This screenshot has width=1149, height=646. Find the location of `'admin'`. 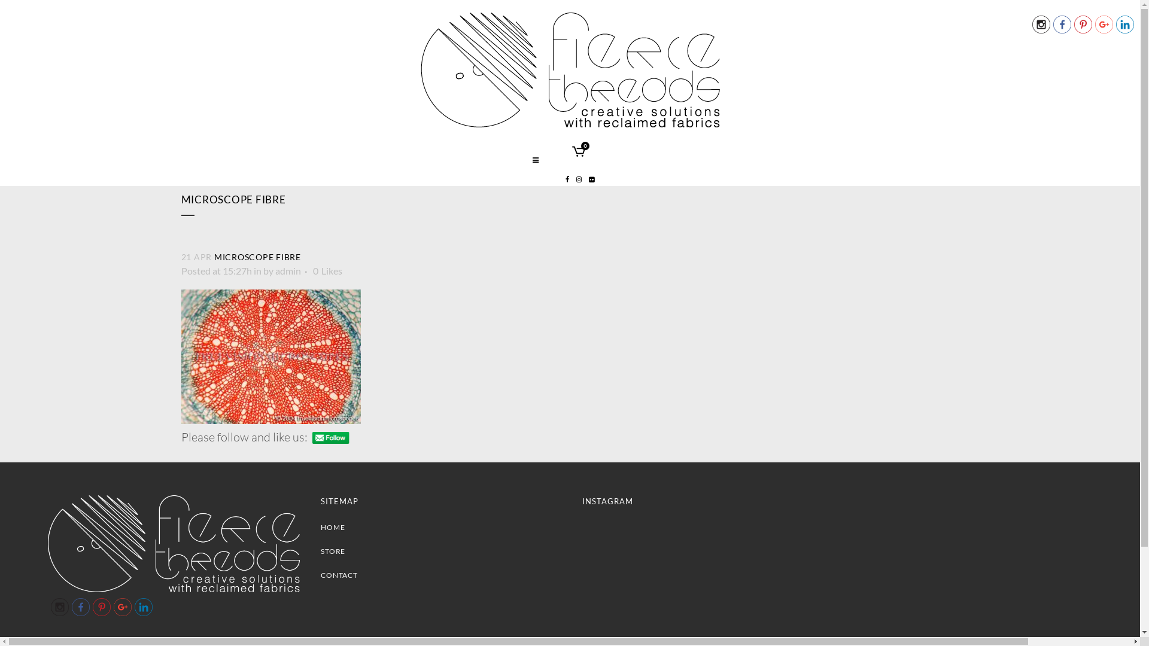

'admin' is located at coordinates (288, 270).